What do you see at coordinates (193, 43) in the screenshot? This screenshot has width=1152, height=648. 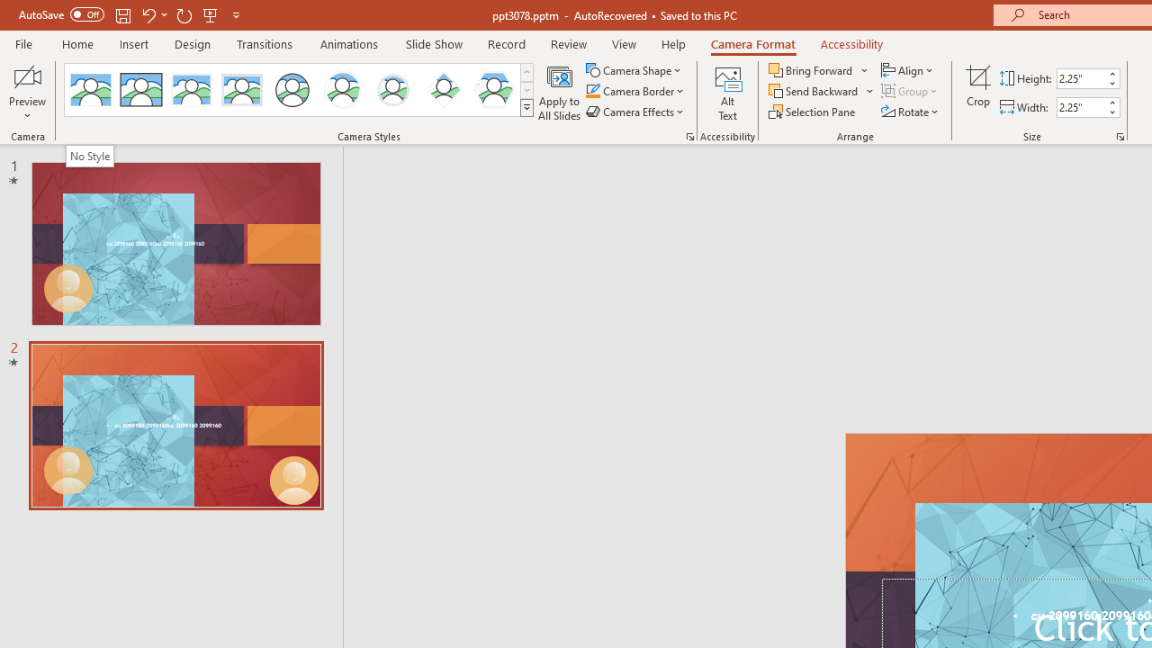 I see `'Design'` at bounding box center [193, 43].